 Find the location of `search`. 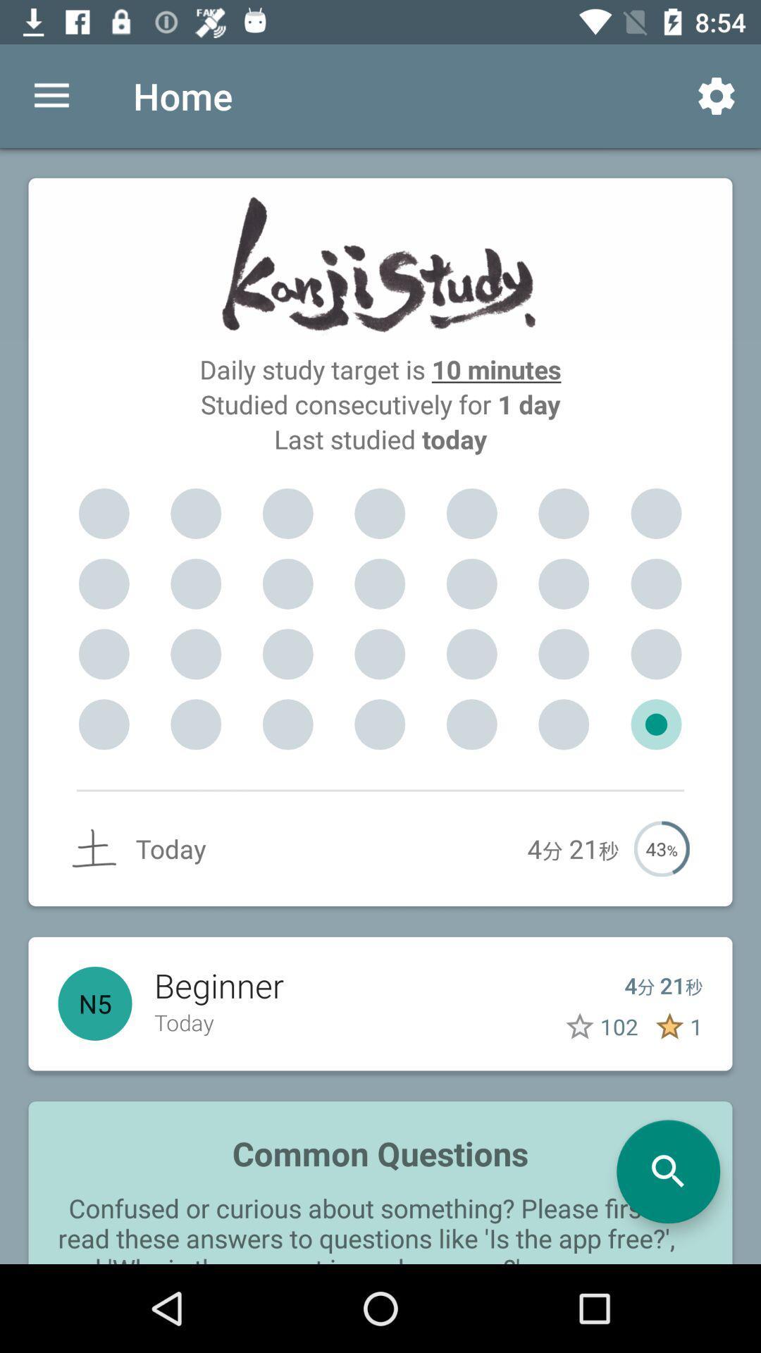

search is located at coordinates (667, 1171).